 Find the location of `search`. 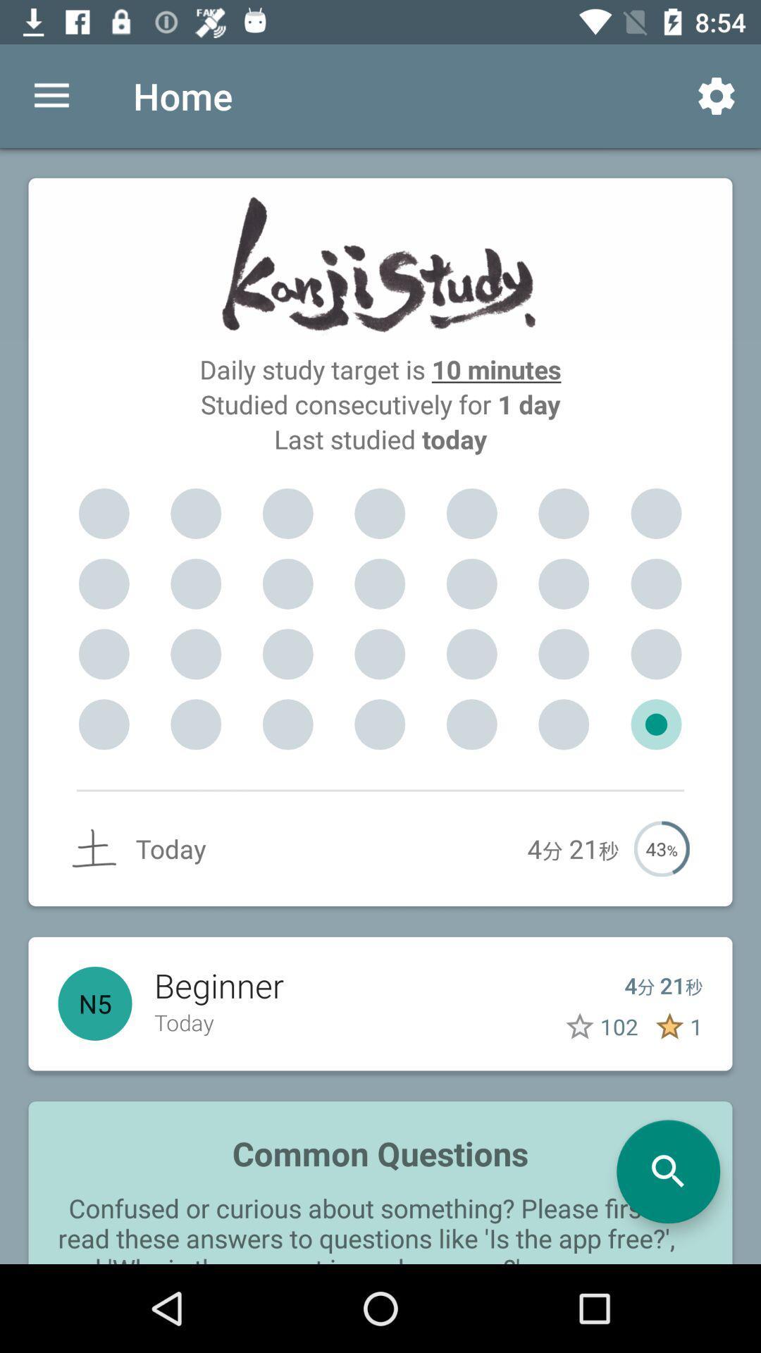

search is located at coordinates (667, 1171).